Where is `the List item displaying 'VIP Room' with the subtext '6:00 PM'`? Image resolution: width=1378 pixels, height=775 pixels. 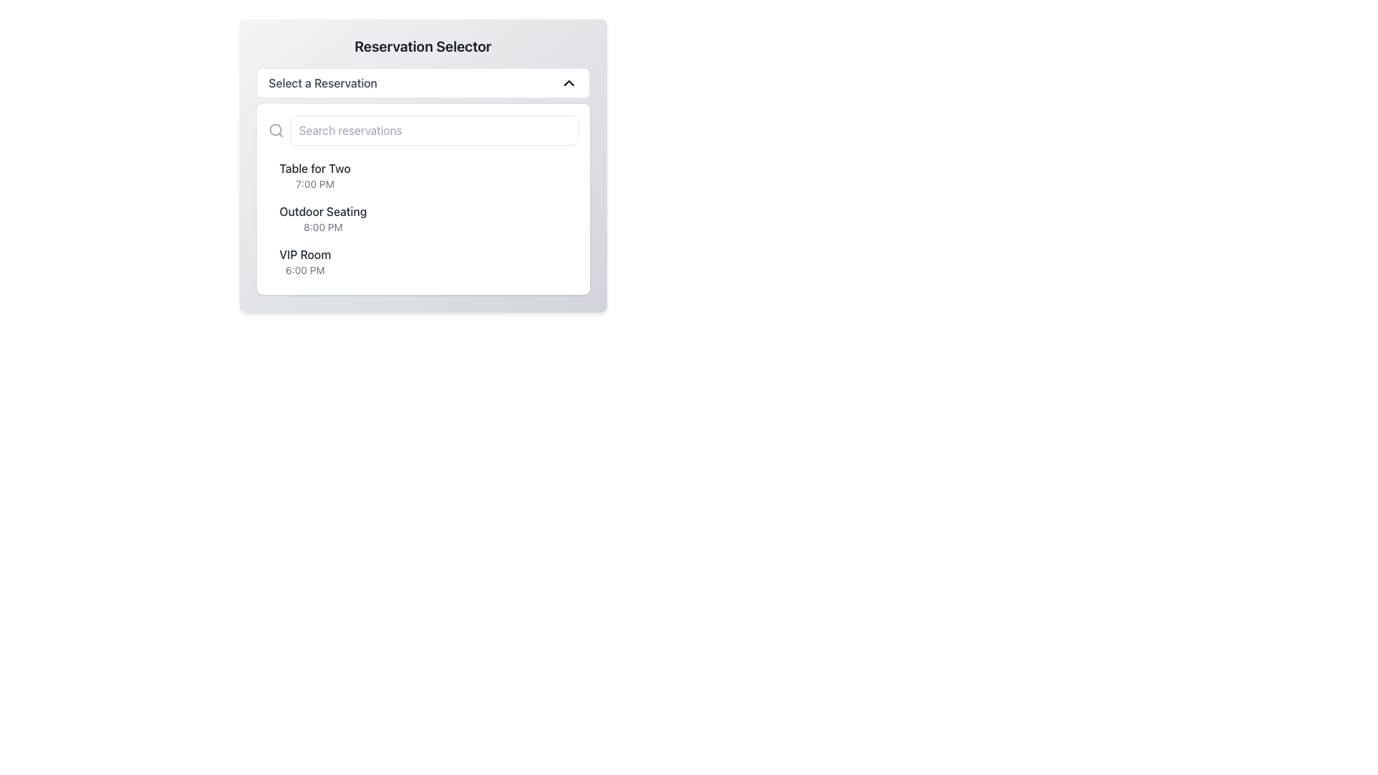 the List item displaying 'VIP Room' with the subtext '6:00 PM' is located at coordinates (422, 262).